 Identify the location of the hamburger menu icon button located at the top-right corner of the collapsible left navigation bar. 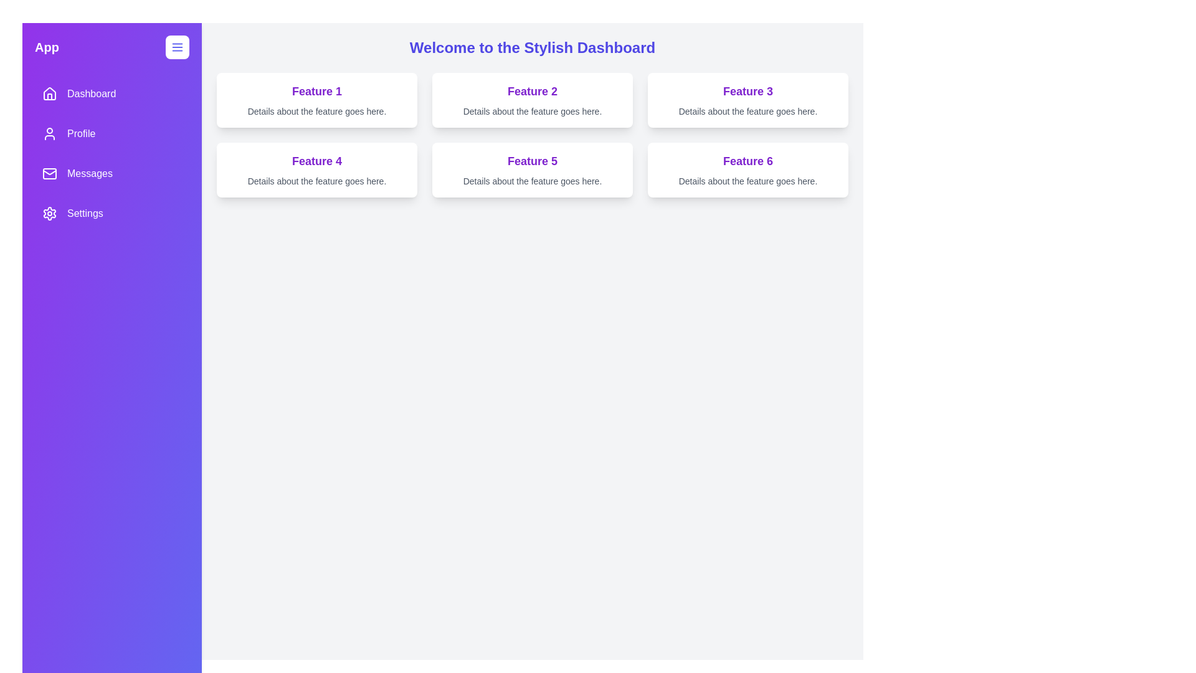
(176, 47).